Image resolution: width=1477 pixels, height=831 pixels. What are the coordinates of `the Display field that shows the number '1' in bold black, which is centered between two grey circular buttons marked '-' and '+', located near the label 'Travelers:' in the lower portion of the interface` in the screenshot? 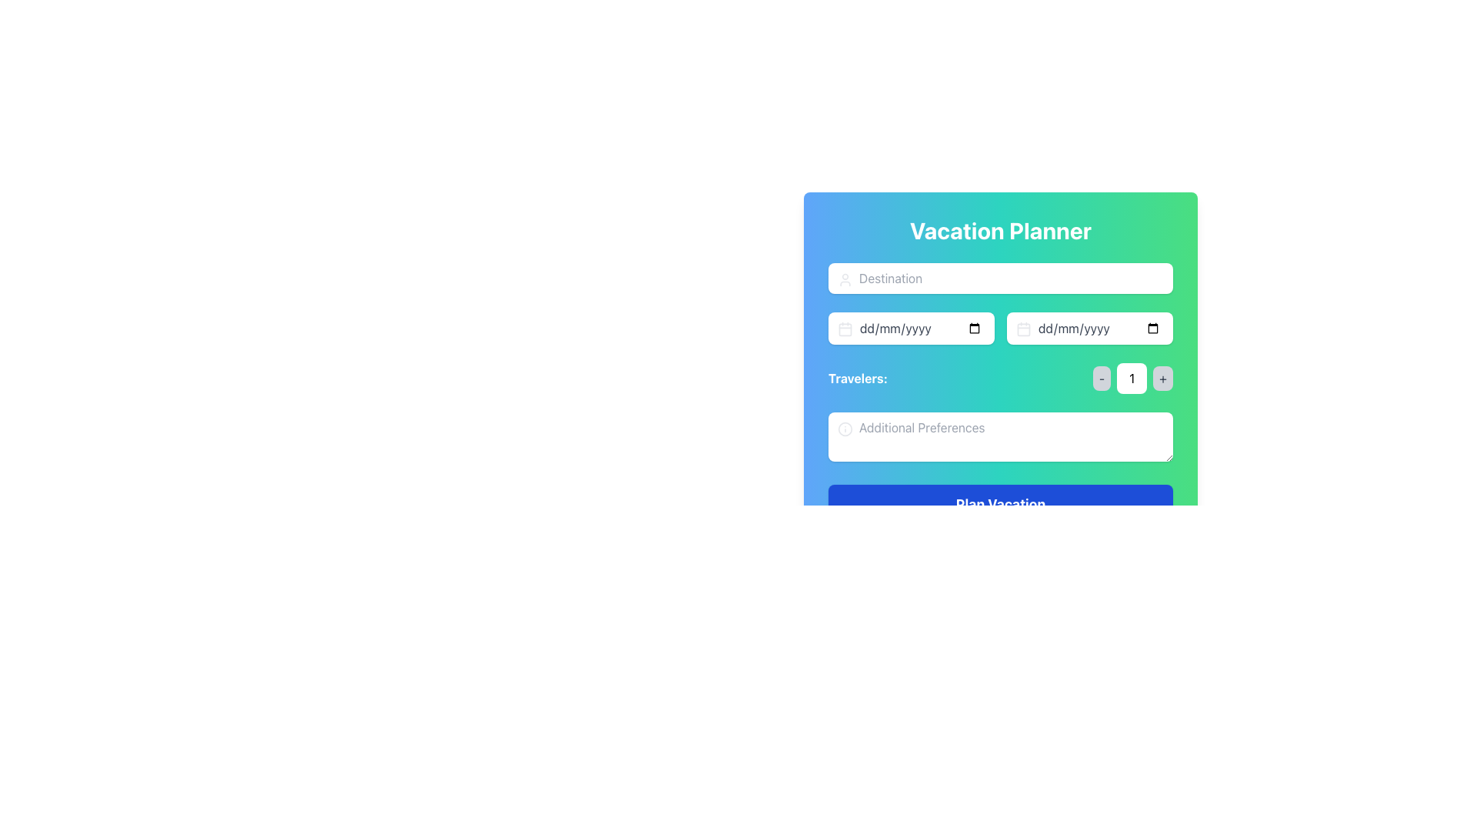 It's located at (1133, 379).